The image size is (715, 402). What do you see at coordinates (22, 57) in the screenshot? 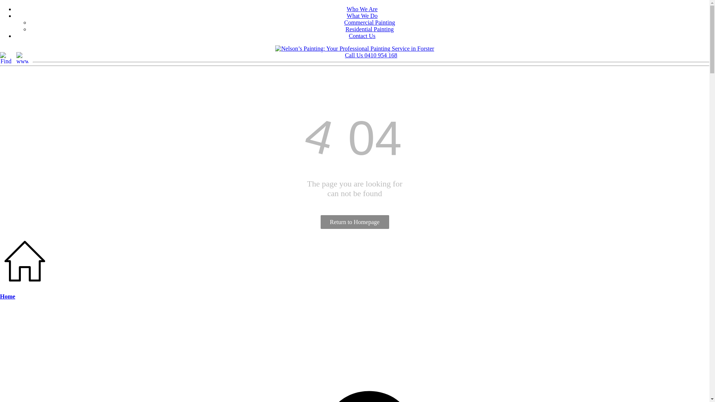
I see `'www.localsearch.com.au'` at bounding box center [22, 57].